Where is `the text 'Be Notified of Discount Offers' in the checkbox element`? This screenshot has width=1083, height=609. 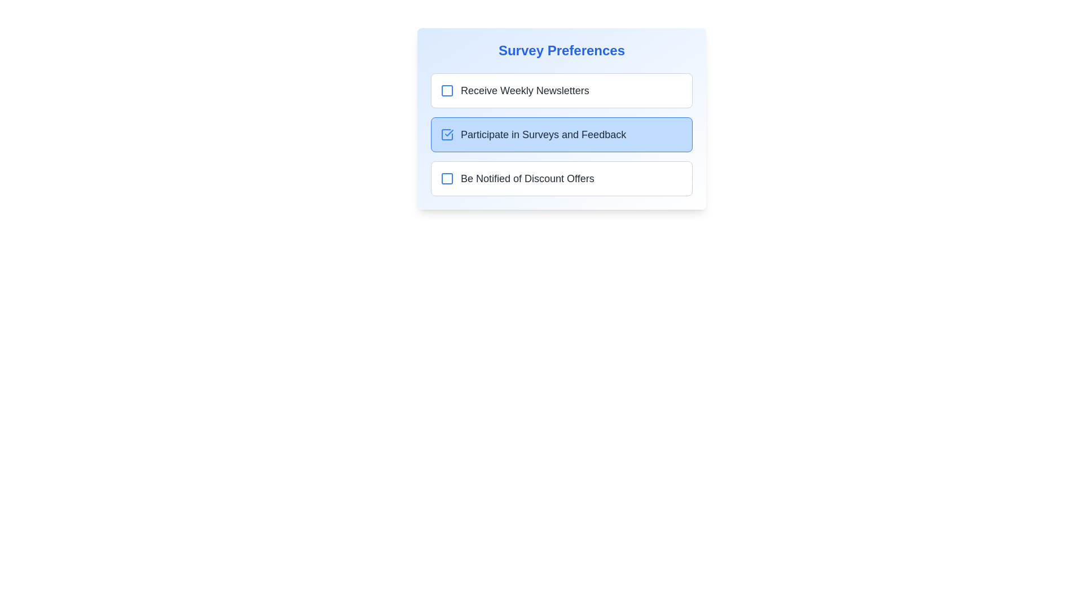 the text 'Be Notified of Discount Offers' in the checkbox element is located at coordinates (562, 178).